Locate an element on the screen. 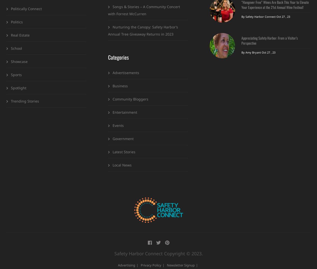 The width and height of the screenshot is (317, 269). 'Advertisements' is located at coordinates (126, 72).